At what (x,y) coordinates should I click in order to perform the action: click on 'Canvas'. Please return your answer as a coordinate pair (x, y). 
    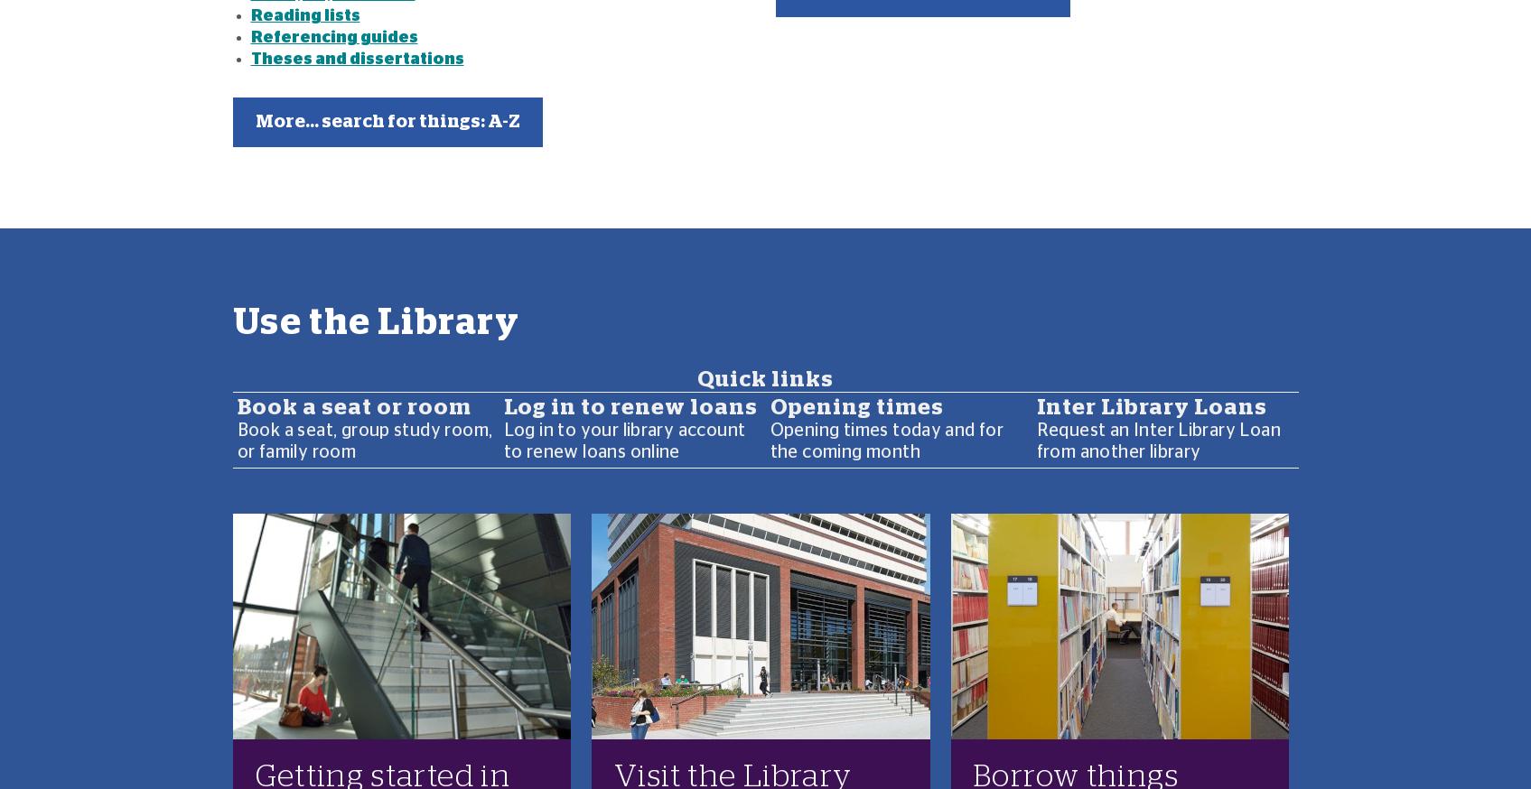
    Looking at the image, I should click on (250, 615).